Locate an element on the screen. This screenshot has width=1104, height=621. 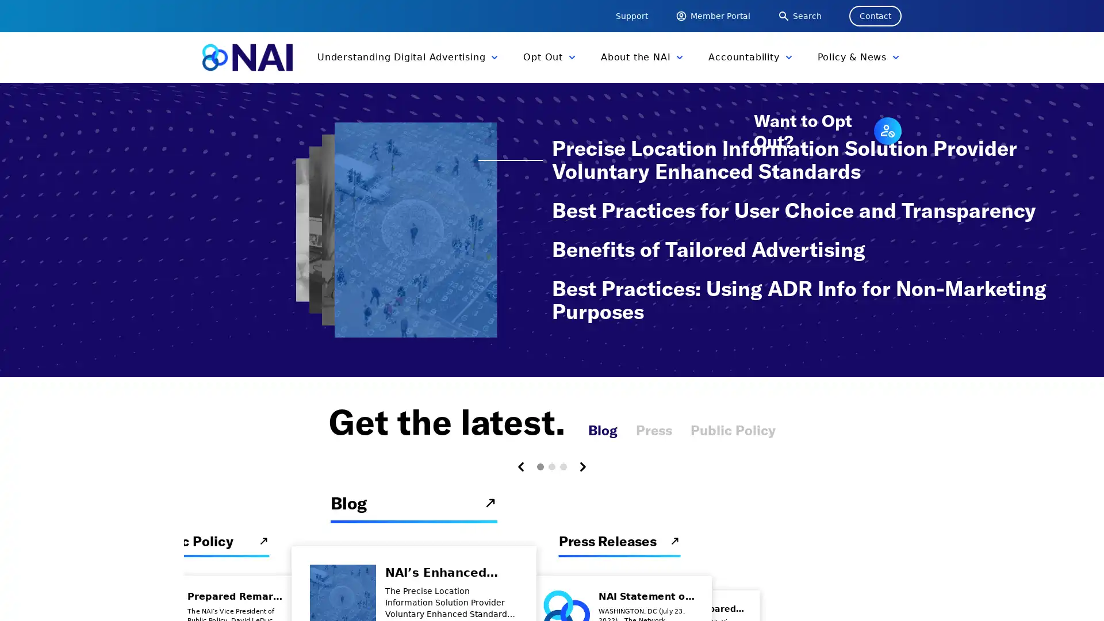
Press is located at coordinates (653, 430).